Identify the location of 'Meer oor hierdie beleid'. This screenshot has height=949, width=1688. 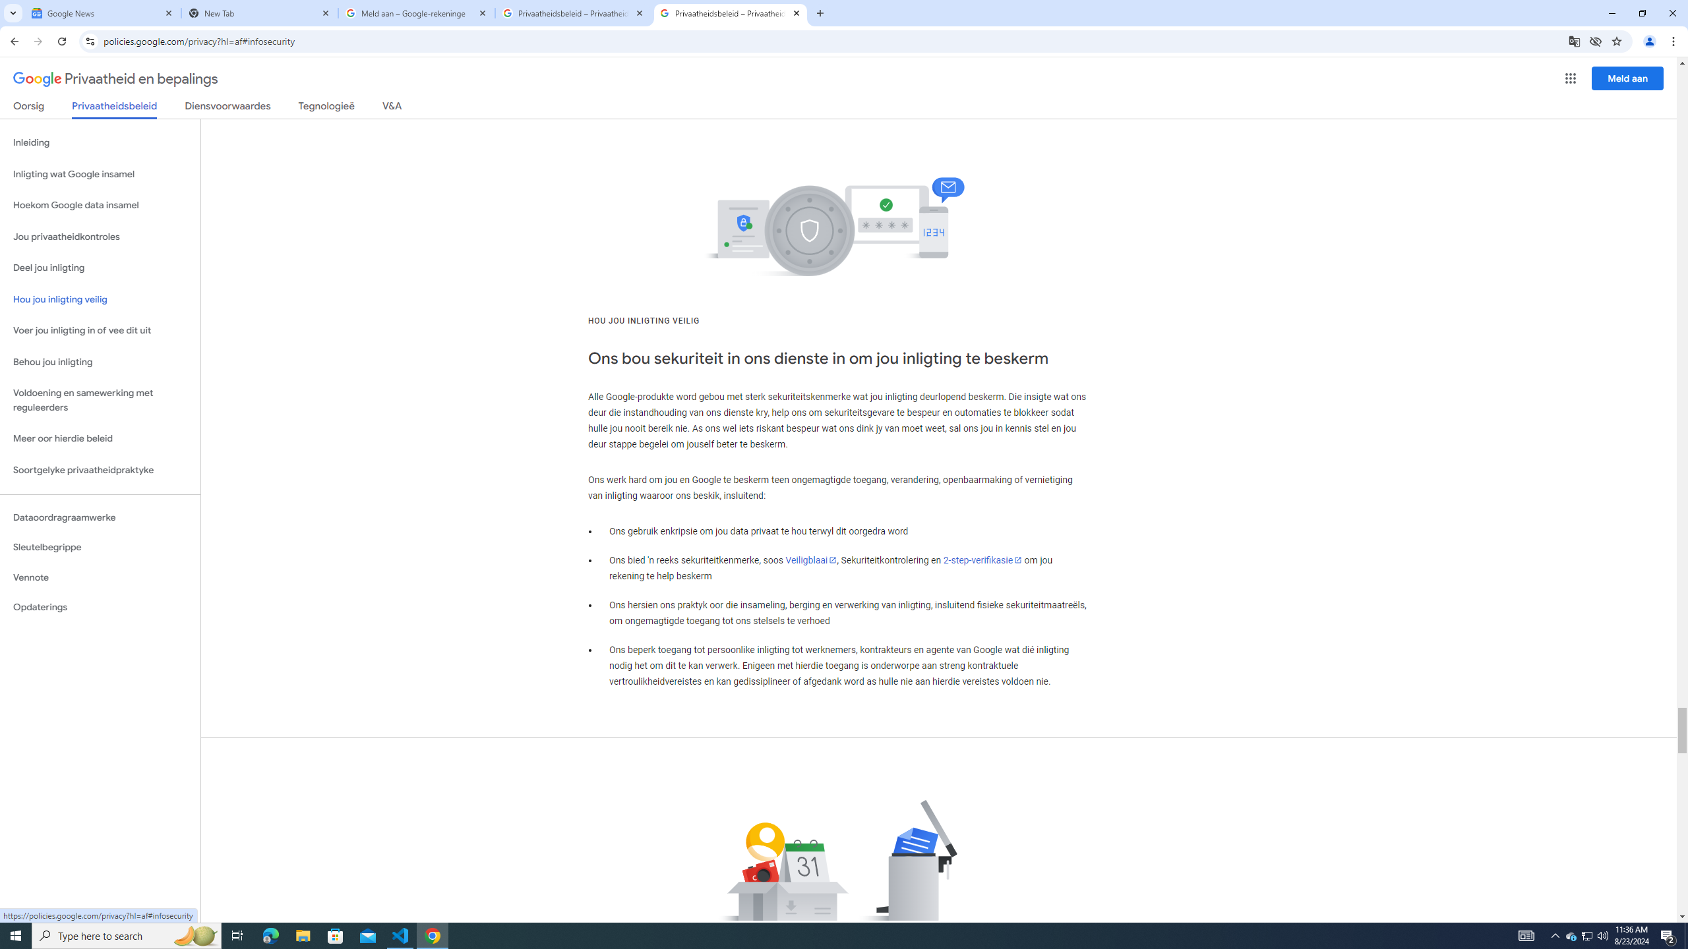
(100, 439).